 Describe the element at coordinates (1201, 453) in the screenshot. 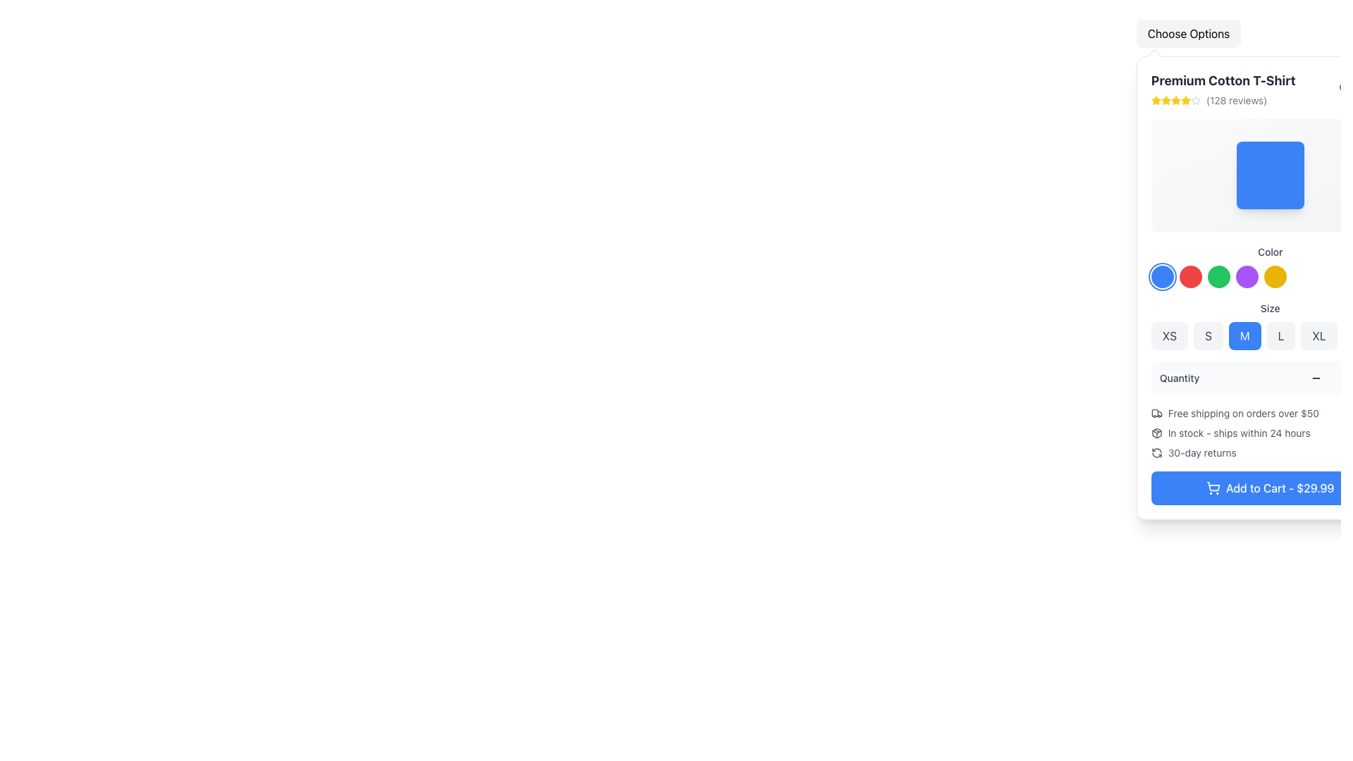

I see `the static text label that informs users about the 30-day return policy for the product, located above the 'Add to Cart' button` at that location.